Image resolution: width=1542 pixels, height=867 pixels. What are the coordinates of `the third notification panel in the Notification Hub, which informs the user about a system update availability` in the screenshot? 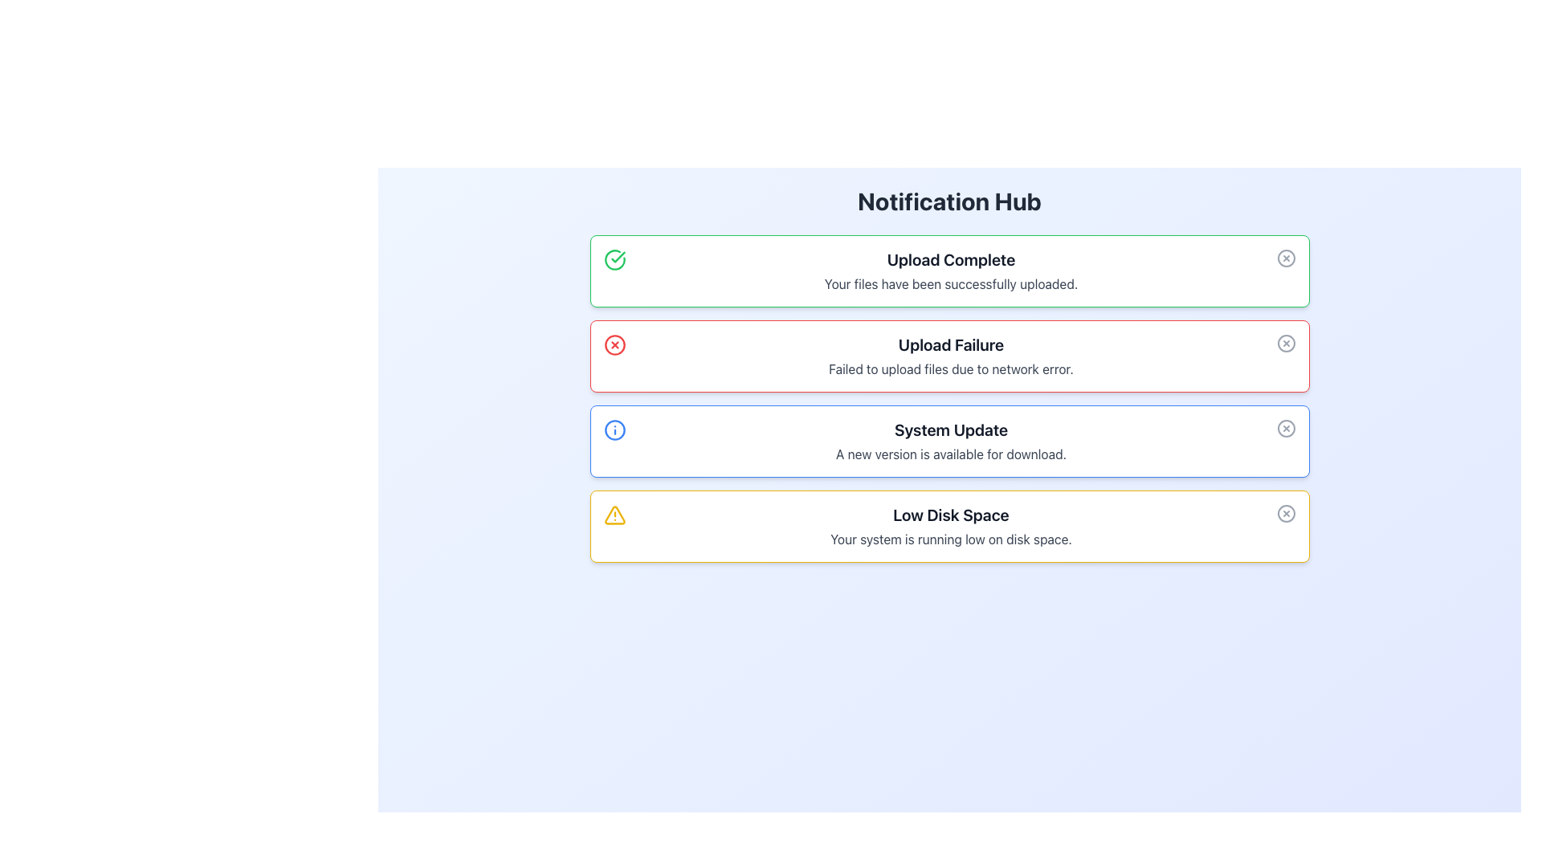 It's located at (951, 442).